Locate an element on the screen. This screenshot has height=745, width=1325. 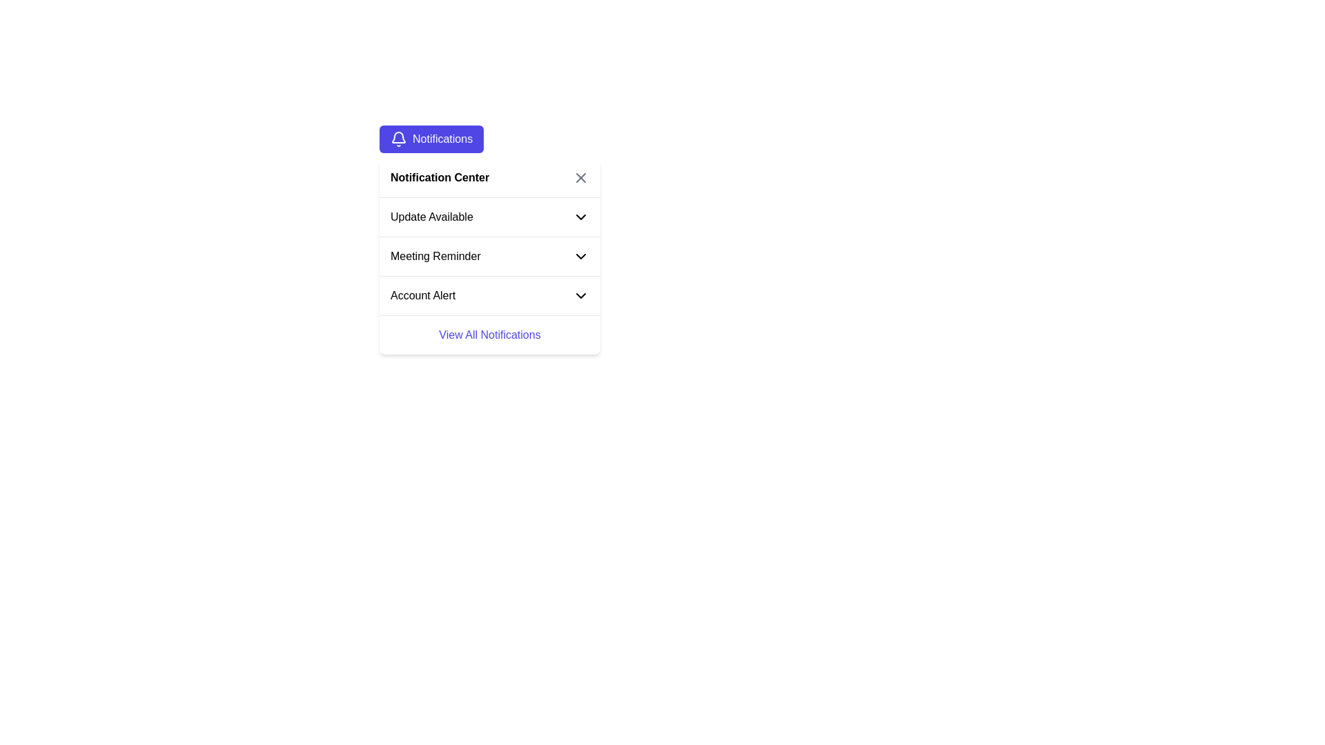
the downward-facing chevron icon located to the far right of the 'Update Available' section in the notification menu is located at coordinates (580, 217).